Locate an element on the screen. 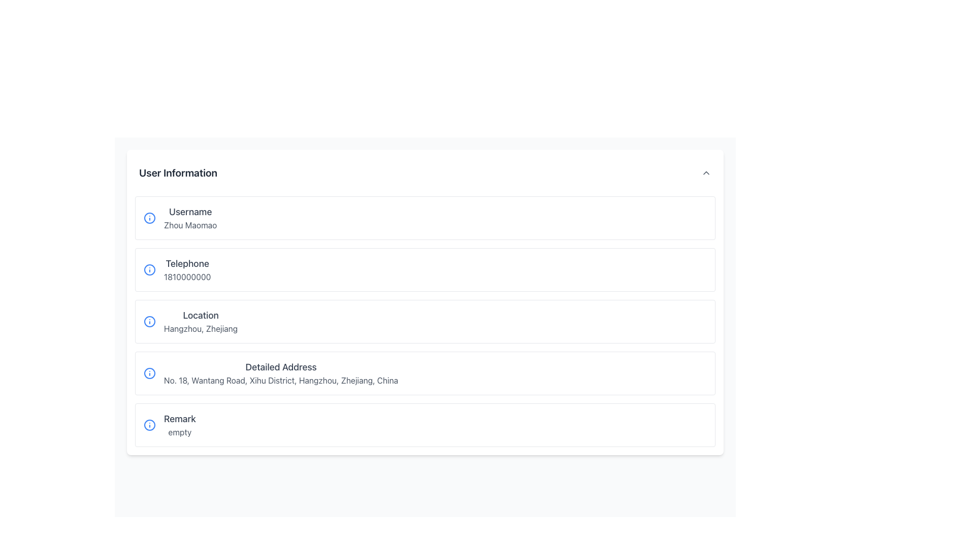  the Read-only Text element that indicates the remark status, which is located directly below the 'Remark' text in the user information list is located at coordinates (180, 432).